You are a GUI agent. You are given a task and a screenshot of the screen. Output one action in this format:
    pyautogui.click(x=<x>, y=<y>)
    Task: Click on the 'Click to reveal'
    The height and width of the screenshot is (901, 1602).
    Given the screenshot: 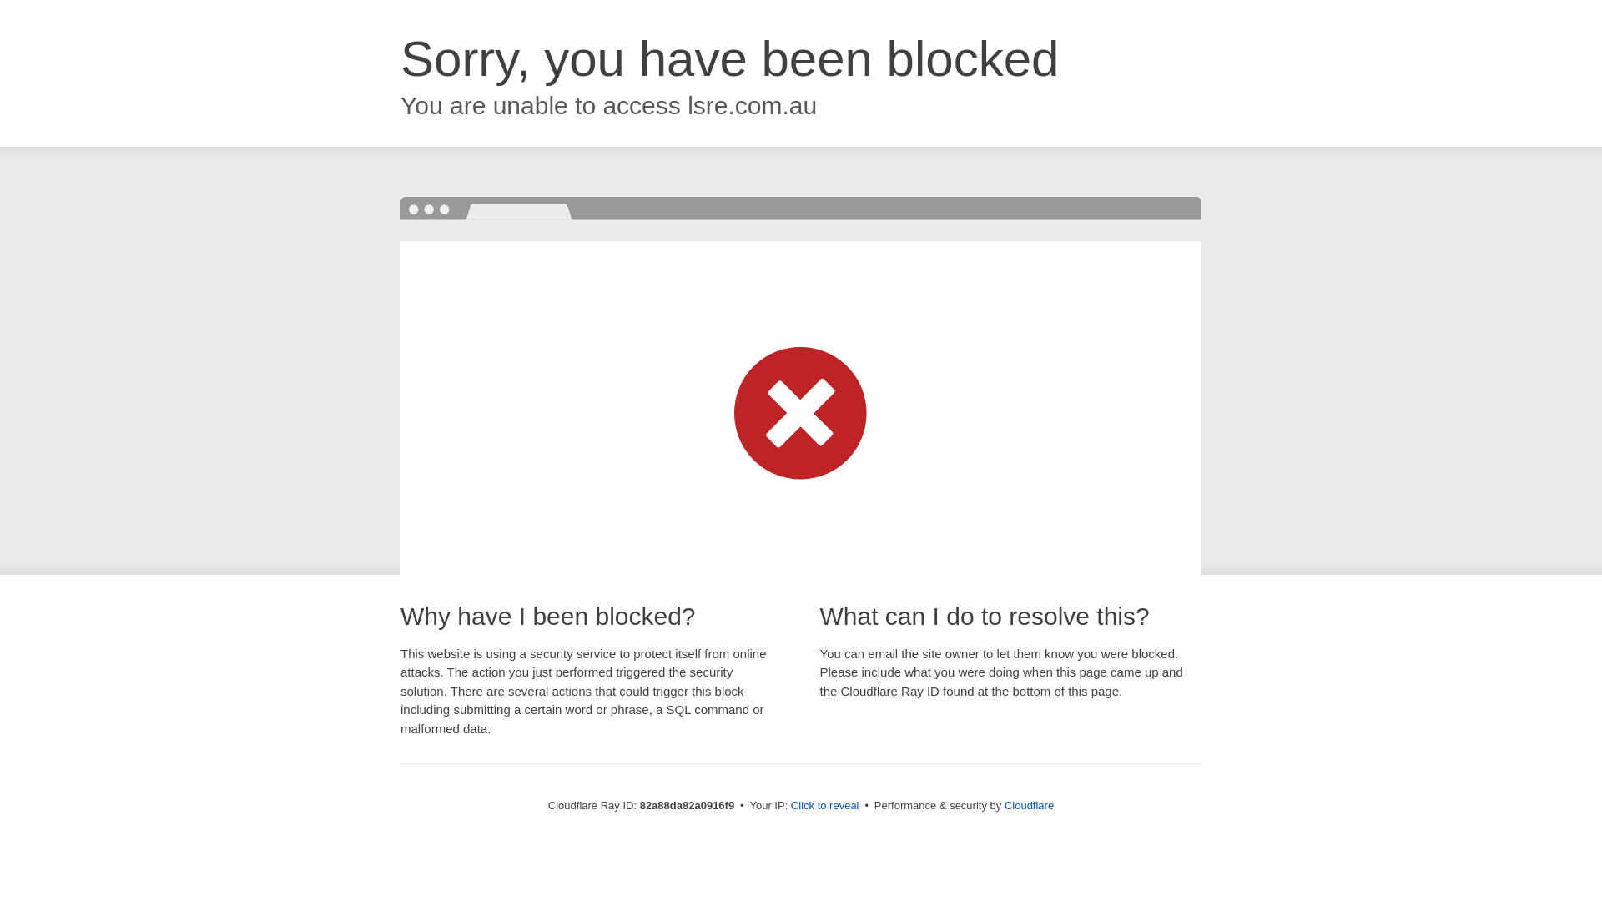 What is the action you would take?
    pyautogui.click(x=790, y=804)
    